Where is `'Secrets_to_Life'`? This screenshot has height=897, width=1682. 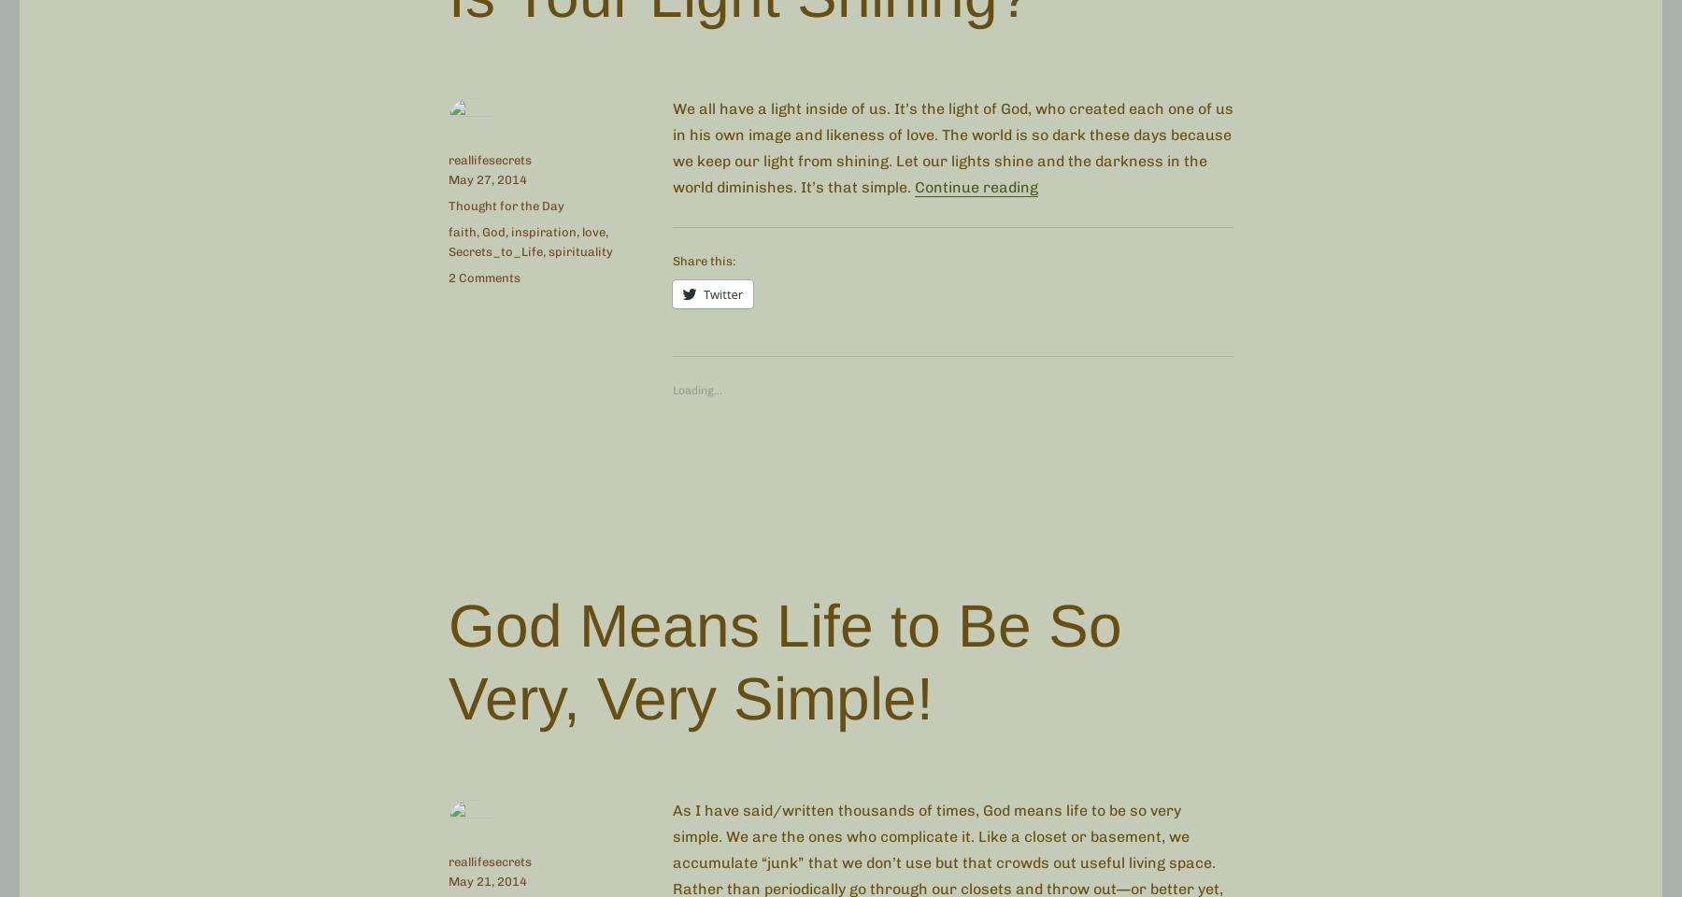
'Secrets_to_Life' is located at coordinates (494, 249).